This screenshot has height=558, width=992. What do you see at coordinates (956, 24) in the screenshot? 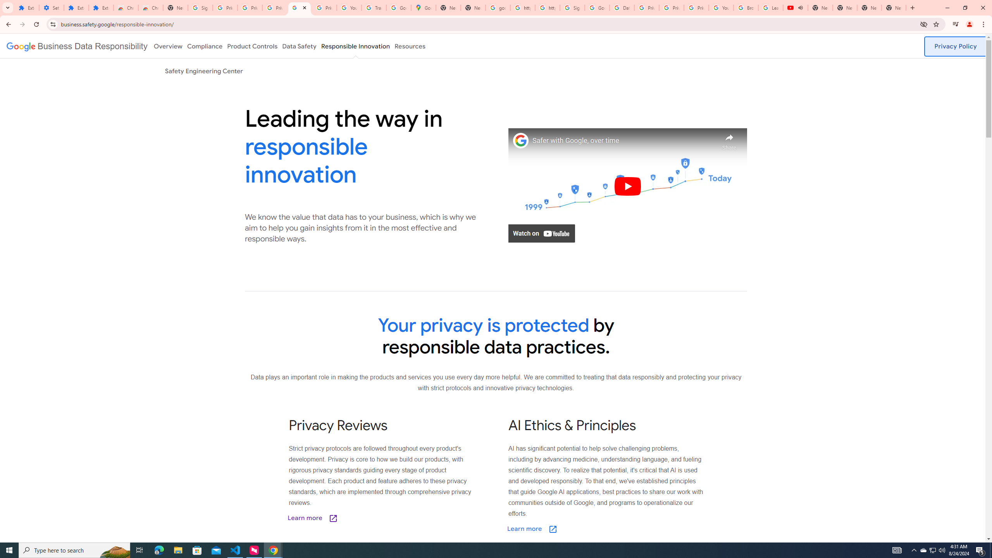
I see `'Control your music, videos, and more'` at bounding box center [956, 24].